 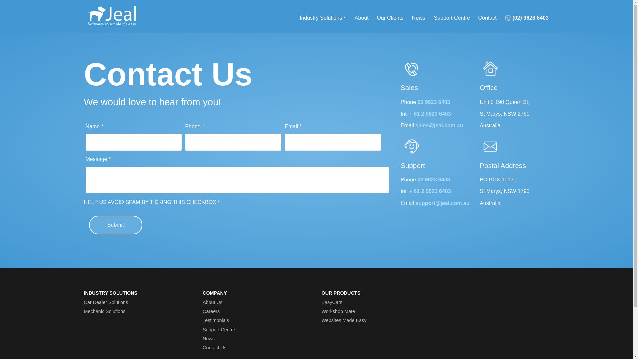 What do you see at coordinates (216, 320) in the screenshot?
I see `'Testimonials'` at bounding box center [216, 320].